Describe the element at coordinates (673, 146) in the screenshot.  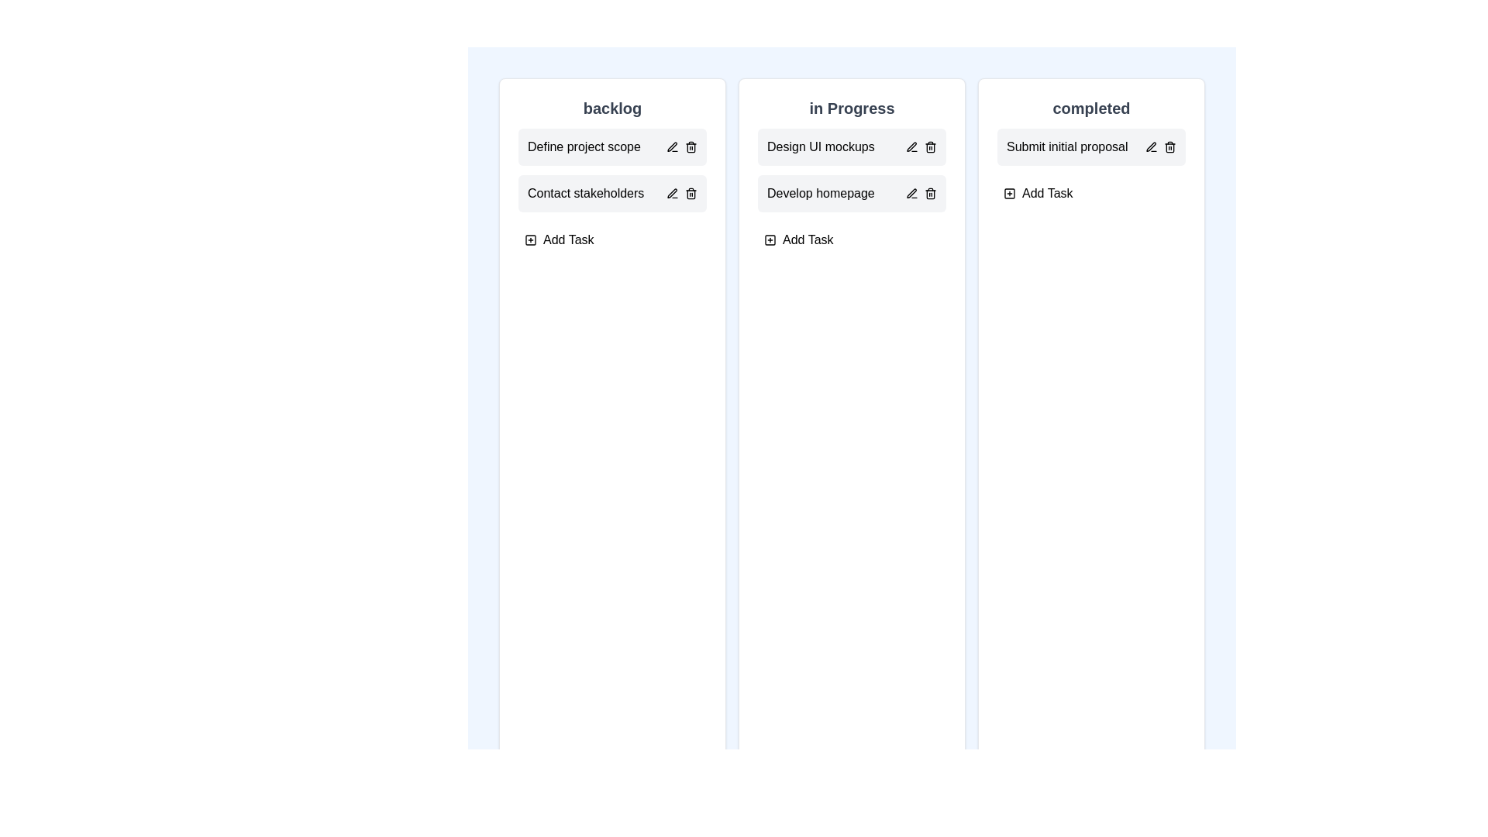
I see `the edit icon of the task 'Define project scope' in the 'backlog' column` at that location.